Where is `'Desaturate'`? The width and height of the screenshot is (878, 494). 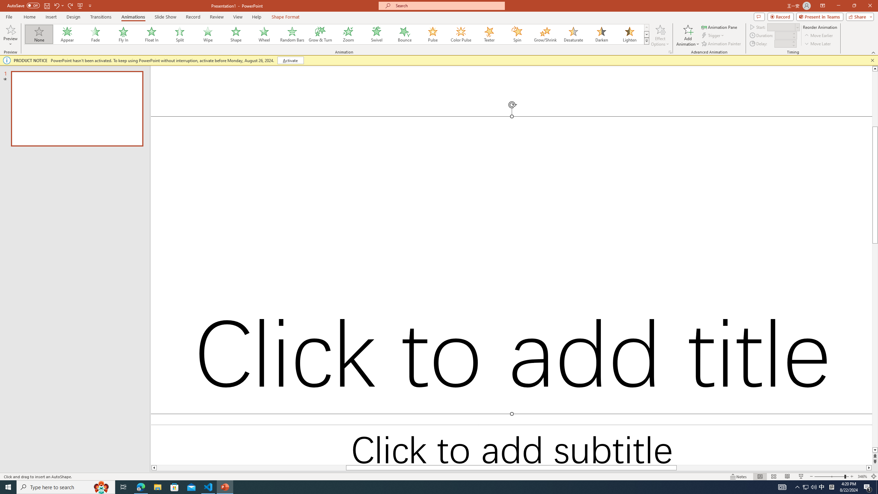 'Desaturate' is located at coordinates (573, 34).